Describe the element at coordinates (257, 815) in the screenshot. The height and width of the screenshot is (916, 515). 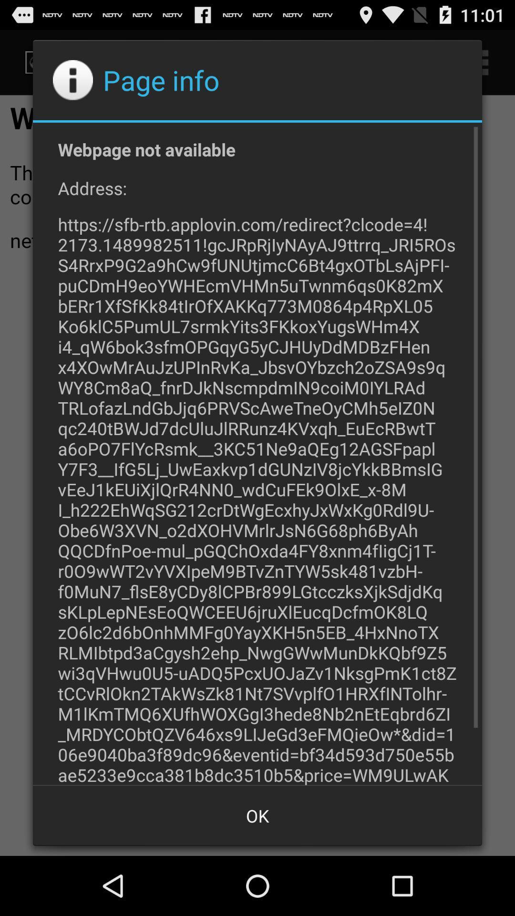
I see `the icon below the https sfb rtb item` at that location.